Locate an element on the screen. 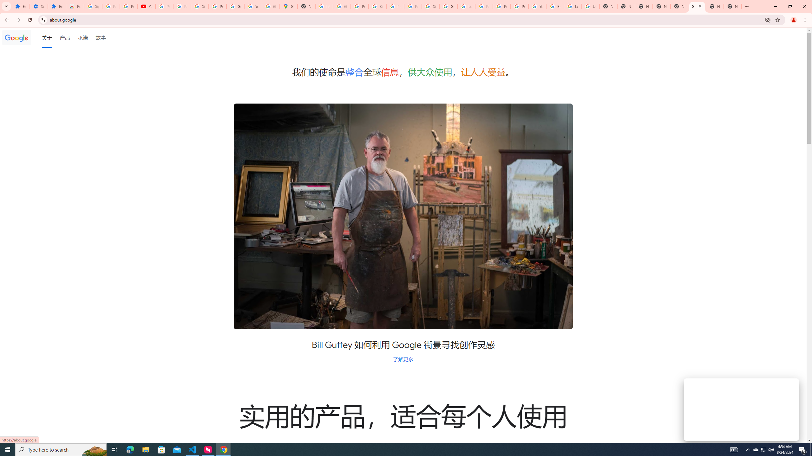 This screenshot has height=456, width=812. 'Settings' is located at coordinates (38, 6).